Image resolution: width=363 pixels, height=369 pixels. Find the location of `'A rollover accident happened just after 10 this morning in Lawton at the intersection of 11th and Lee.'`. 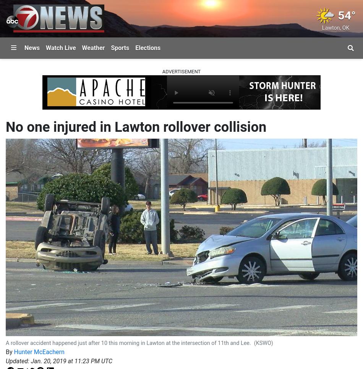

'A rollover accident happened just after 10 this morning in Lawton at the intersection of 11th and Lee.' is located at coordinates (128, 343).